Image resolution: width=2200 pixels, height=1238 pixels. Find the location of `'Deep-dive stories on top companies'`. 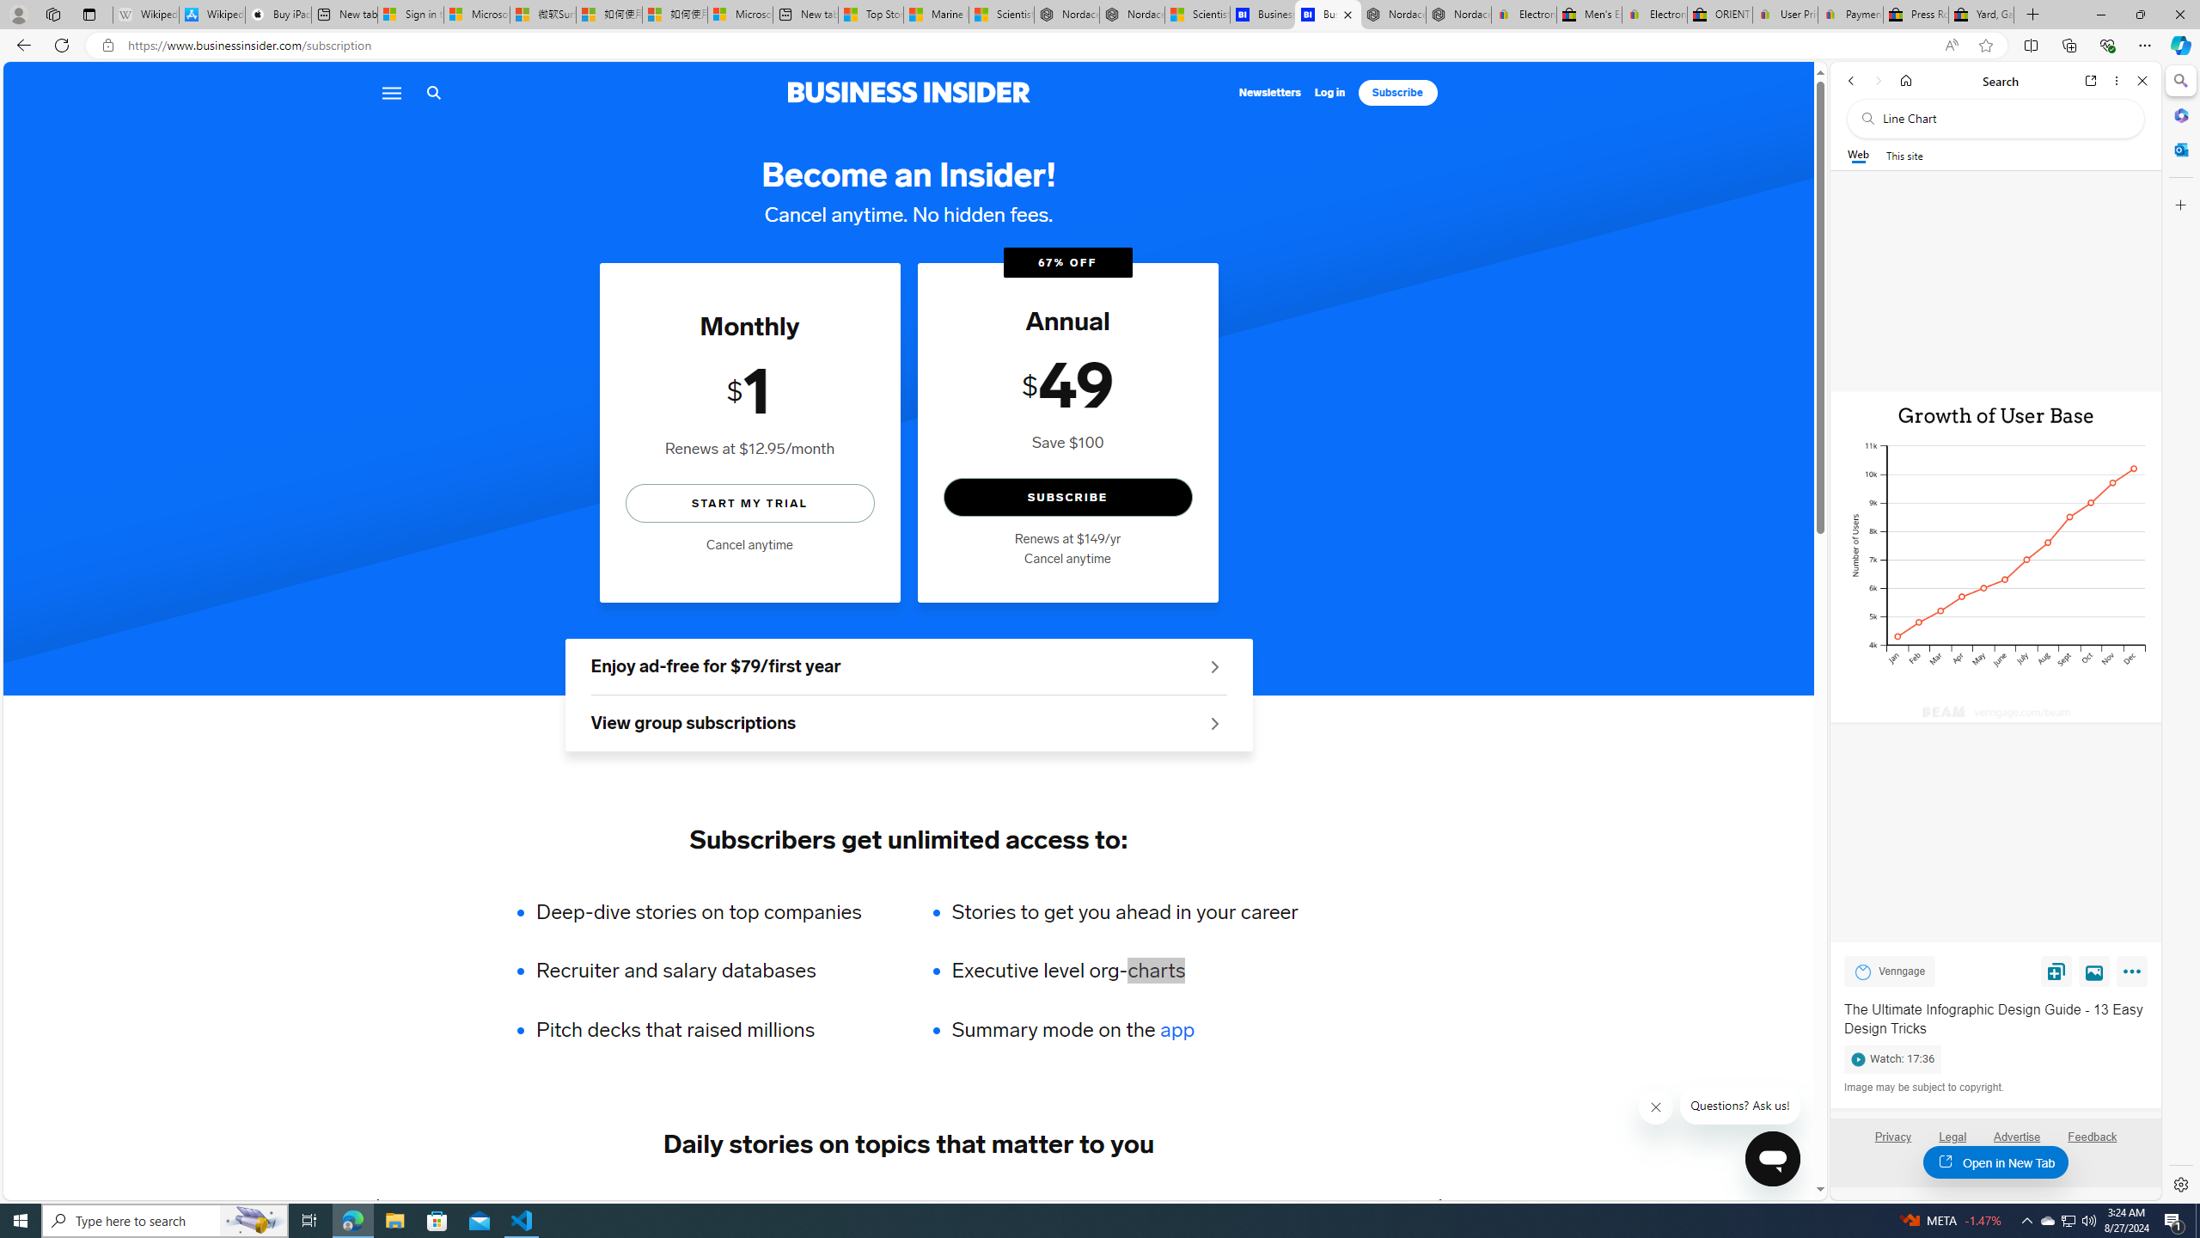

'Deep-dive stories on top companies' is located at coordinates (710, 911).